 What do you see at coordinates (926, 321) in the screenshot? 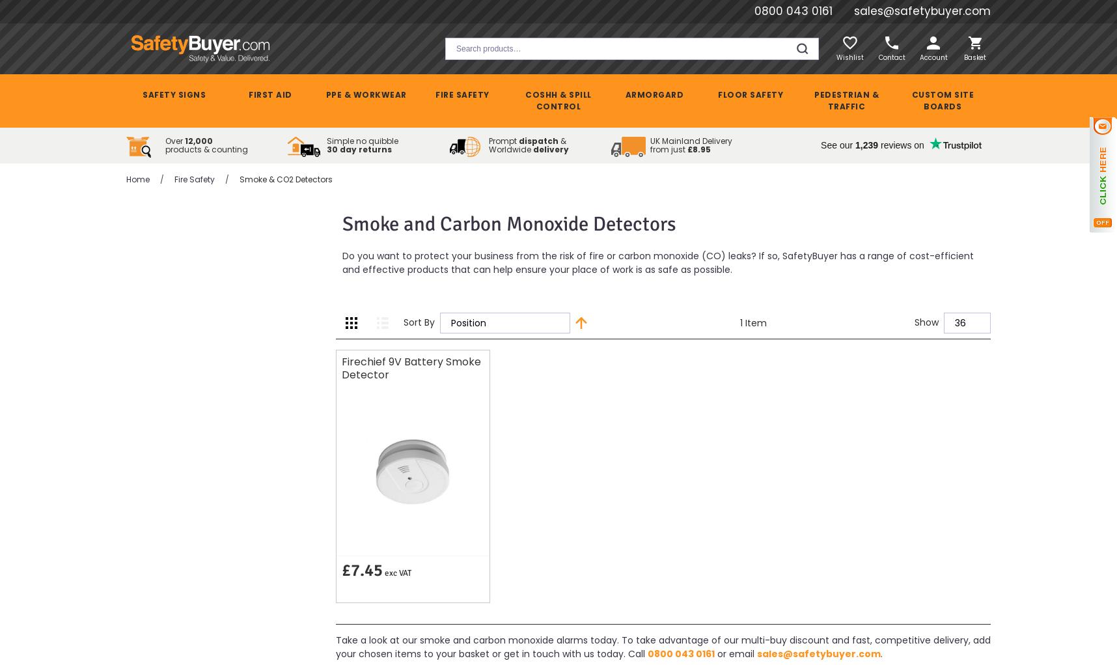
I see `'Show'` at bounding box center [926, 321].